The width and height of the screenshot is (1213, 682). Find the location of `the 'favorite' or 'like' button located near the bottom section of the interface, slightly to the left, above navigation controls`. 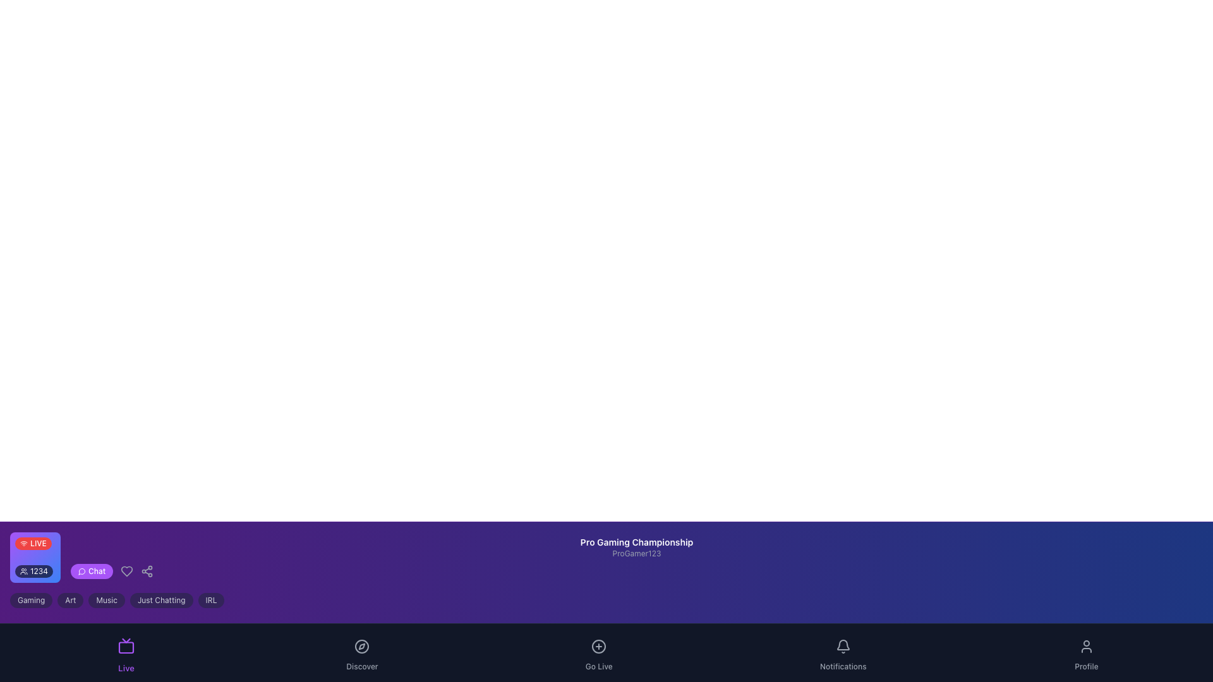

the 'favorite' or 'like' button located near the bottom section of the interface, slightly to the left, above navigation controls is located at coordinates (127, 571).